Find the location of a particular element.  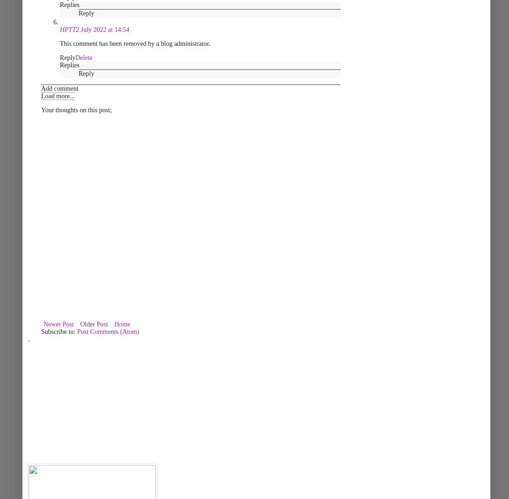

'Your thoughts on this post;' is located at coordinates (76, 110).